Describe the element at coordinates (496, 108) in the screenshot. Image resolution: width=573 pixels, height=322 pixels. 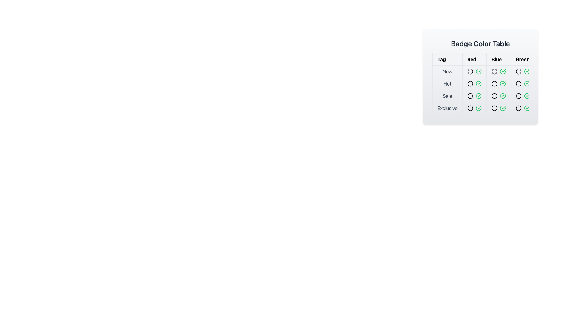
I see `the circular icon with a red inner fill and a black border located in the 'Exclusive' row and 'Blue' column of the table` at that location.